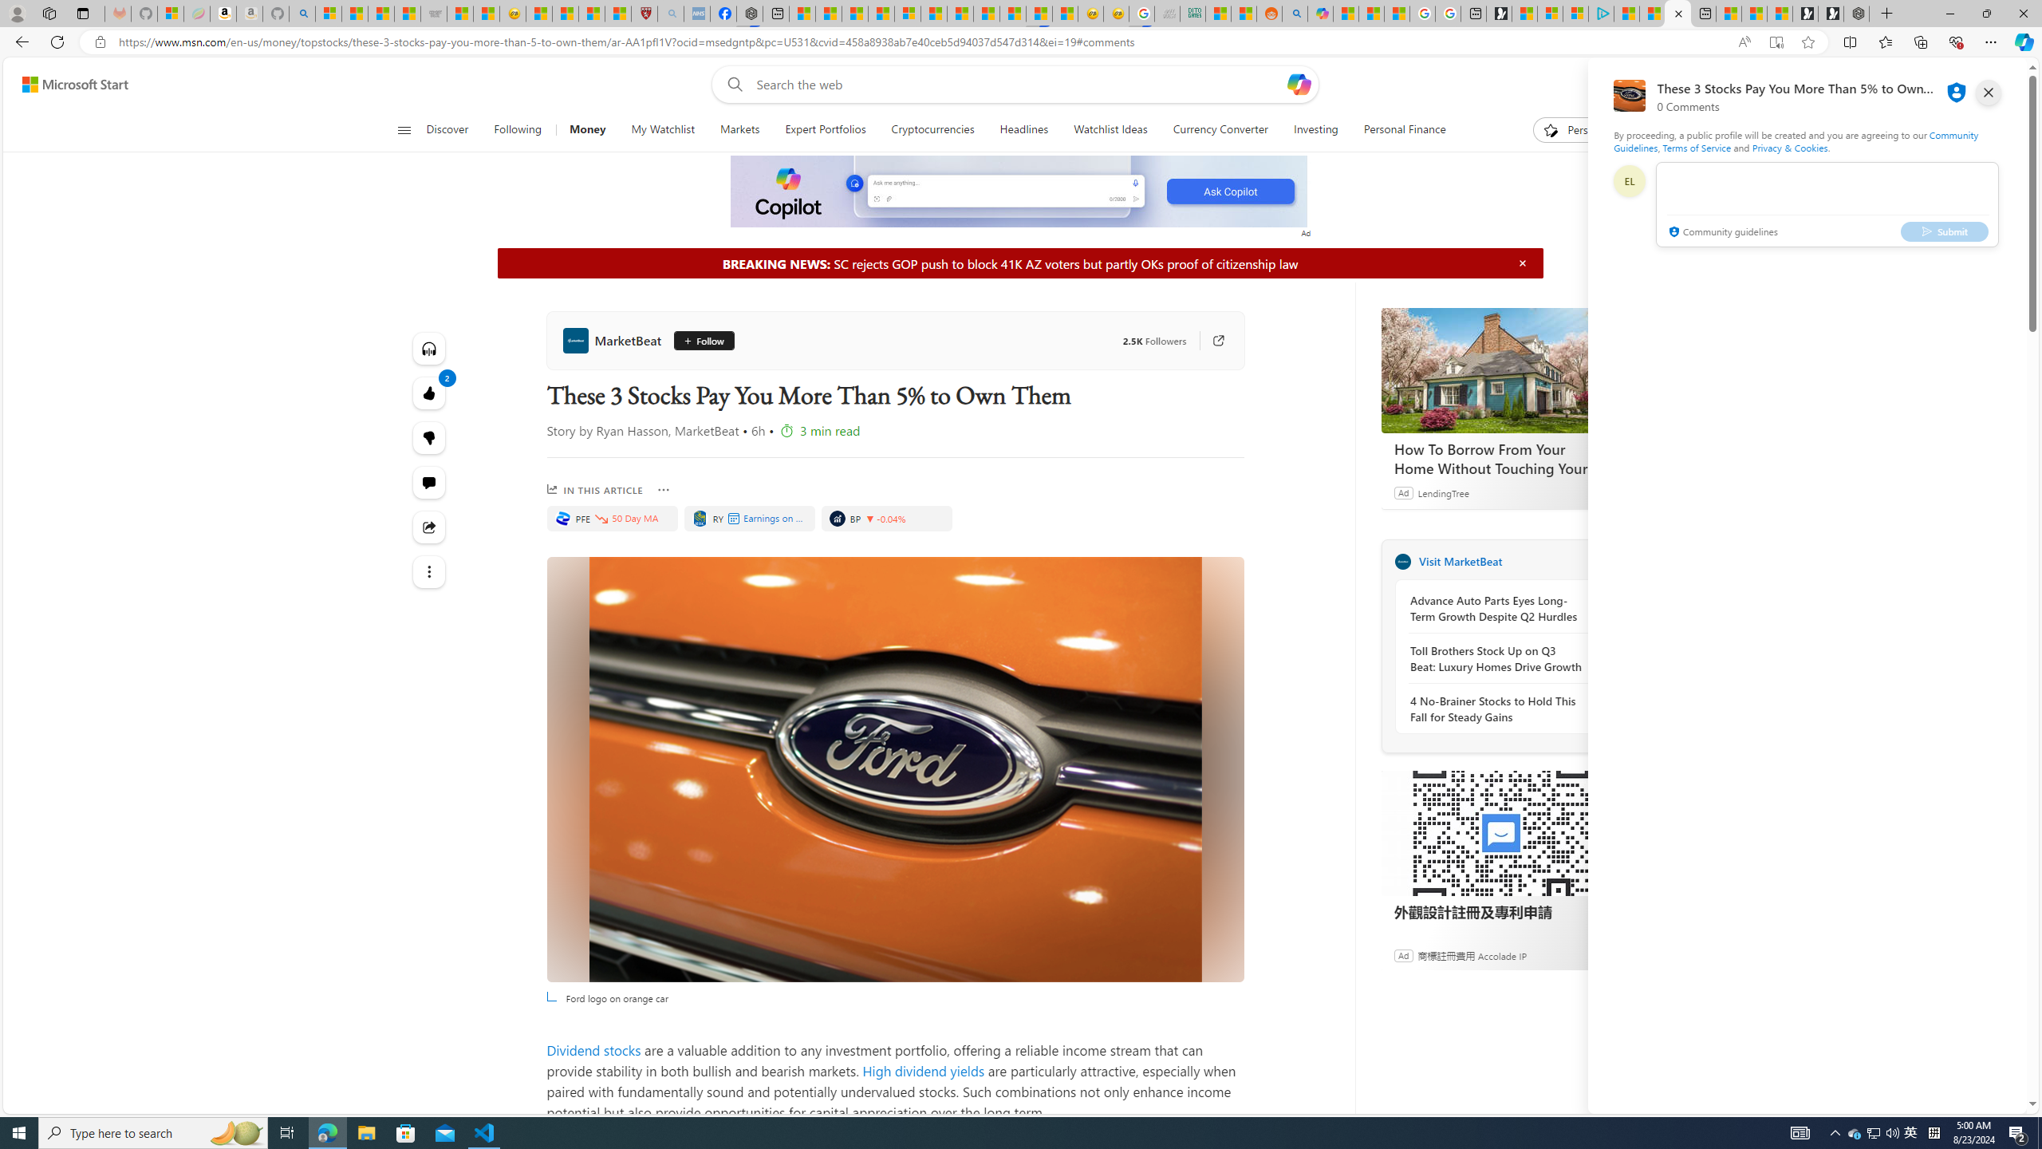  What do you see at coordinates (923, 1070) in the screenshot?
I see `'High dividend yields'` at bounding box center [923, 1070].